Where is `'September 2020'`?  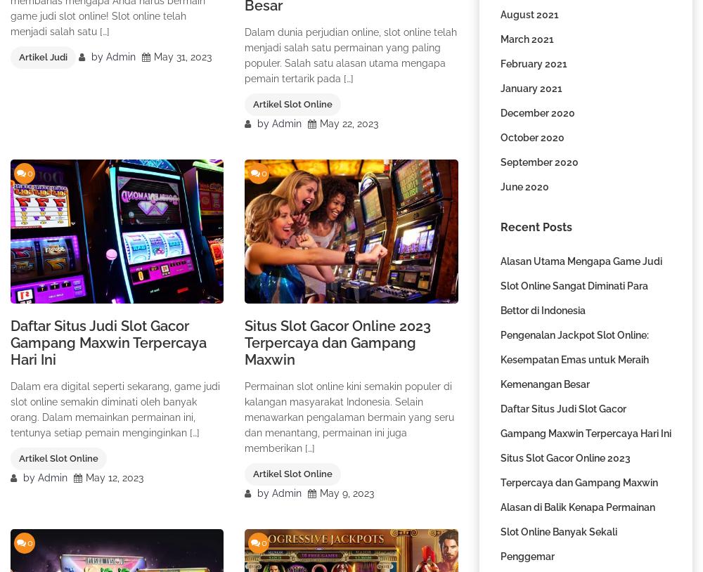
'September 2020' is located at coordinates (538, 162).